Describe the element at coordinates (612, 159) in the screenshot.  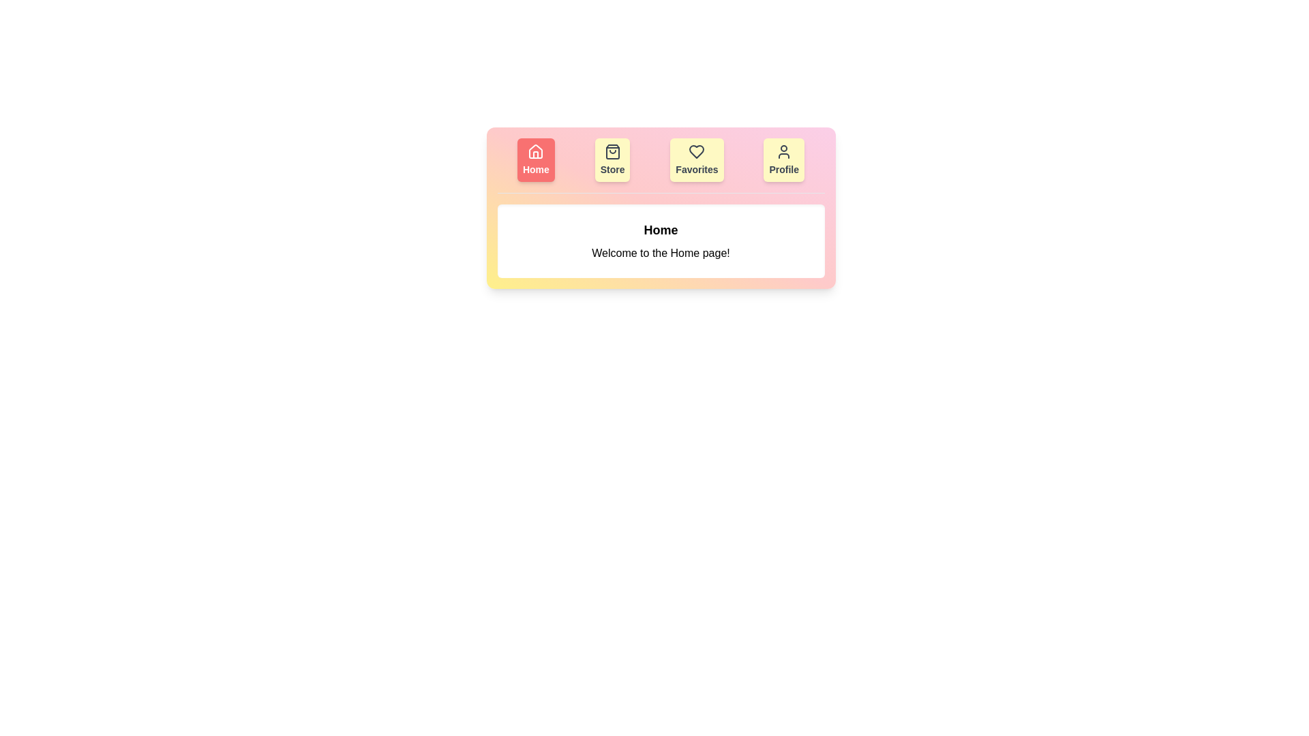
I see `the tab labeled Store to switch to its content` at that location.